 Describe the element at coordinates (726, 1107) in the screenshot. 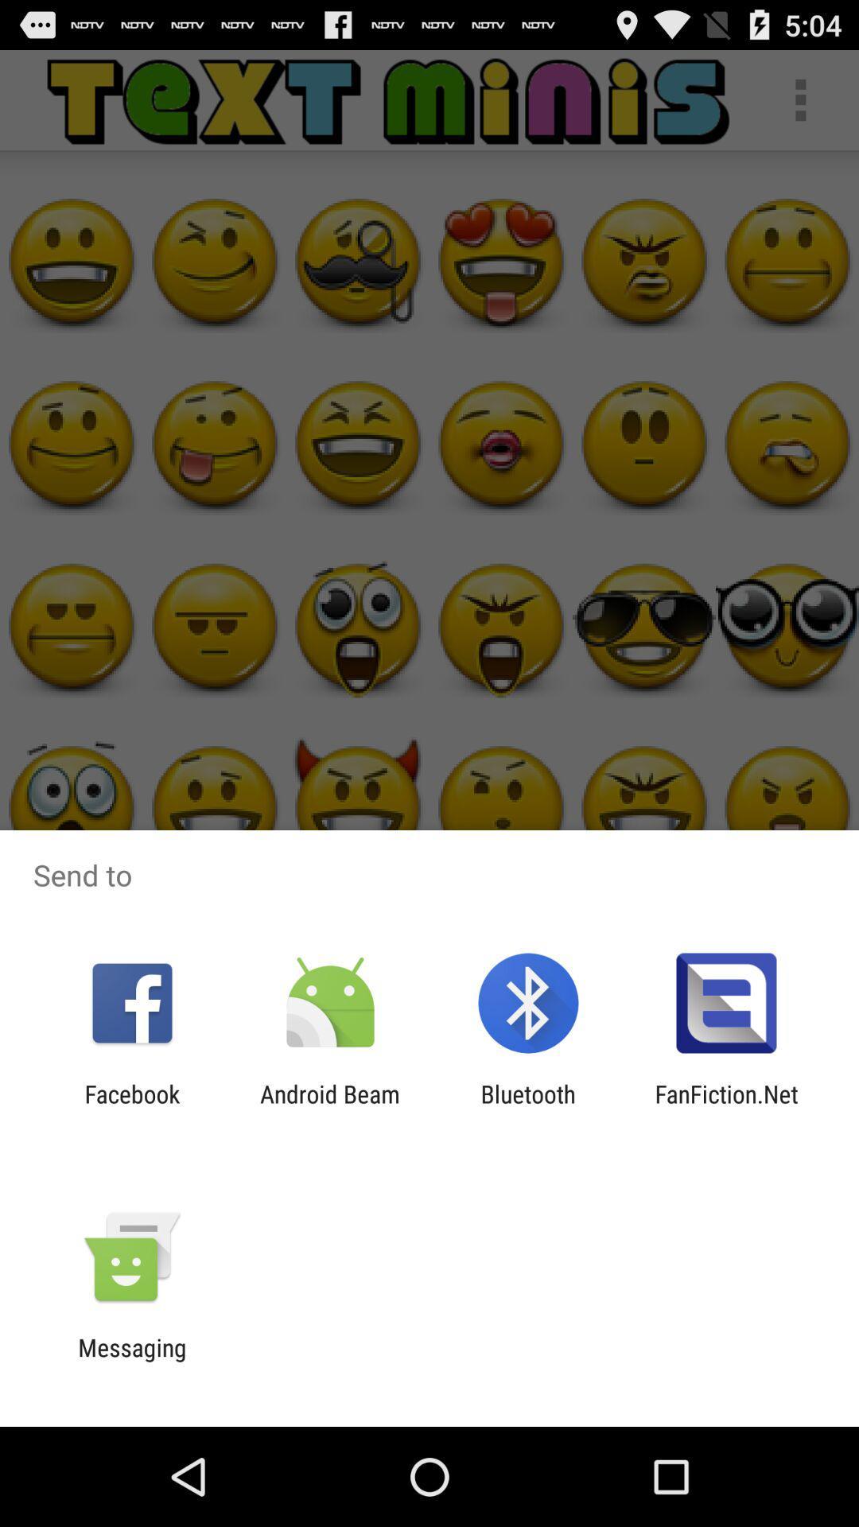

I see `app to the right of the bluetooth icon` at that location.